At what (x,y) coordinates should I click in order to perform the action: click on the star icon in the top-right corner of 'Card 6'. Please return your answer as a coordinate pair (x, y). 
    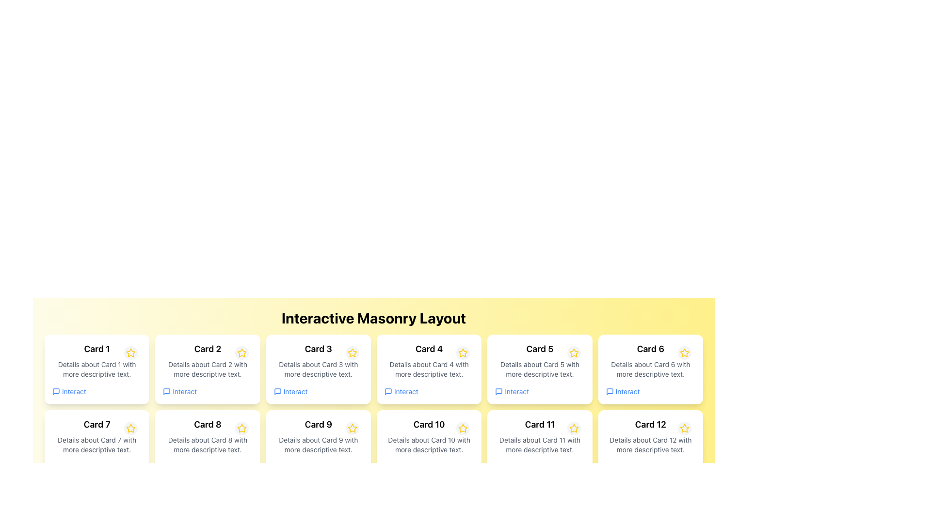
    Looking at the image, I should click on (684, 353).